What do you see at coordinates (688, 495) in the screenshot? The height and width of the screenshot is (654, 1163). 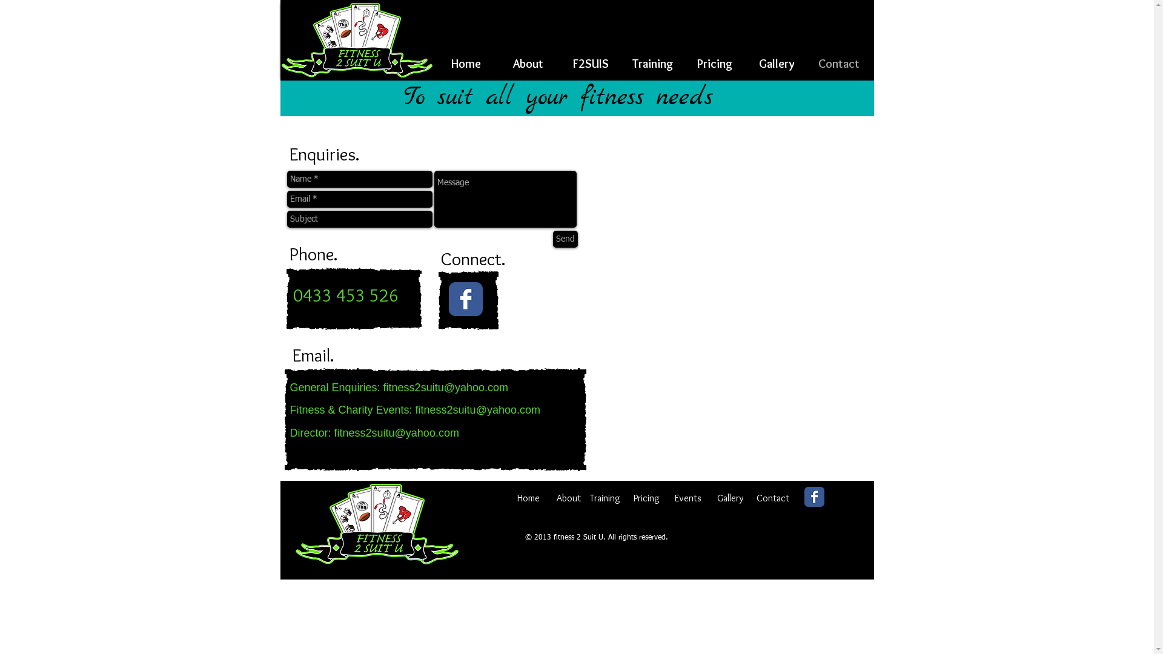 I see `'Events'` at bounding box center [688, 495].